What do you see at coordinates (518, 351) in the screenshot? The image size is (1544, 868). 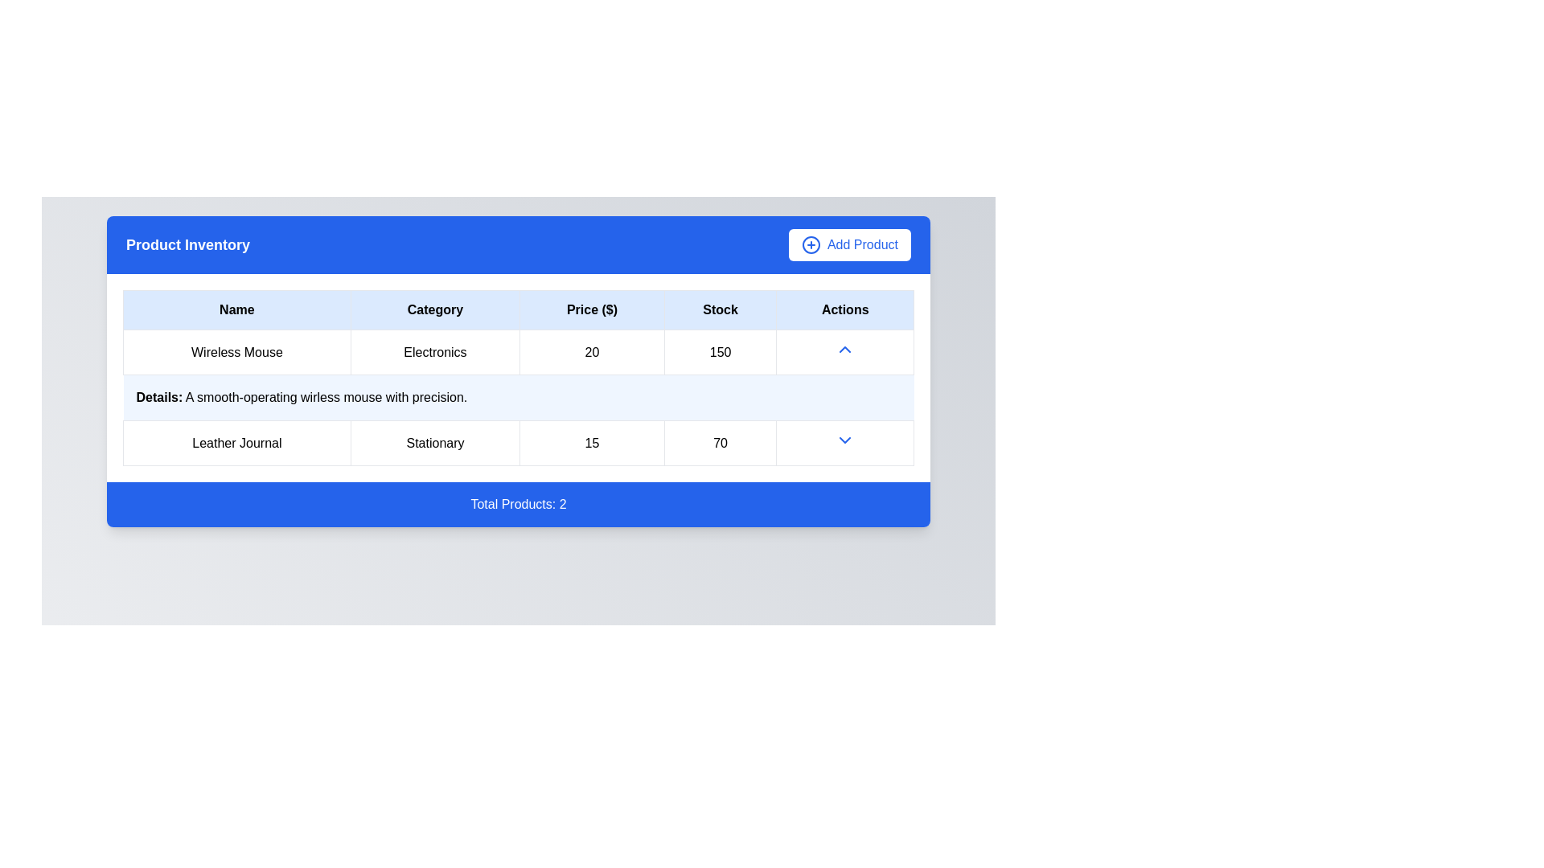 I see `the first data row in the table containing the product 'Wireless Mouse', which includes details such as category, price, and stock` at bounding box center [518, 351].